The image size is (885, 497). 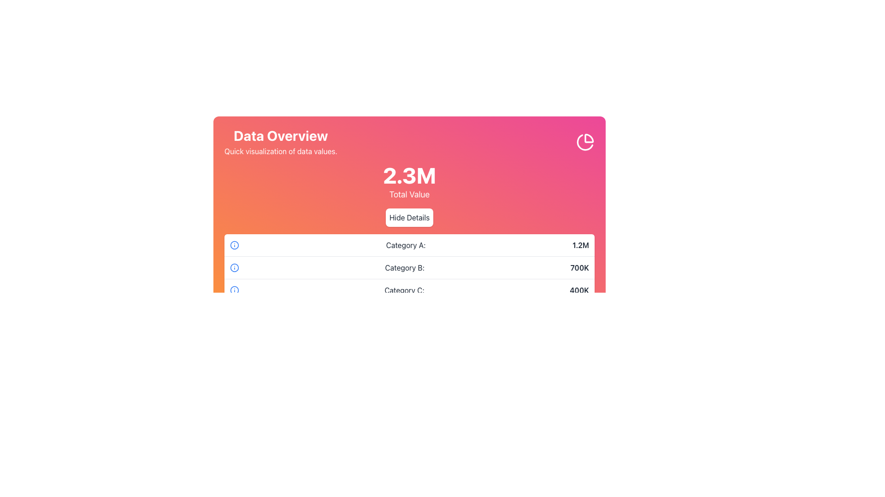 What do you see at coordinates (405, 268) in the screenshot?
I see `the text label displaying 'Category B:' which is styled in black text on a white background and is positioned in the second row of category listings` at bounding box center [405, 268].